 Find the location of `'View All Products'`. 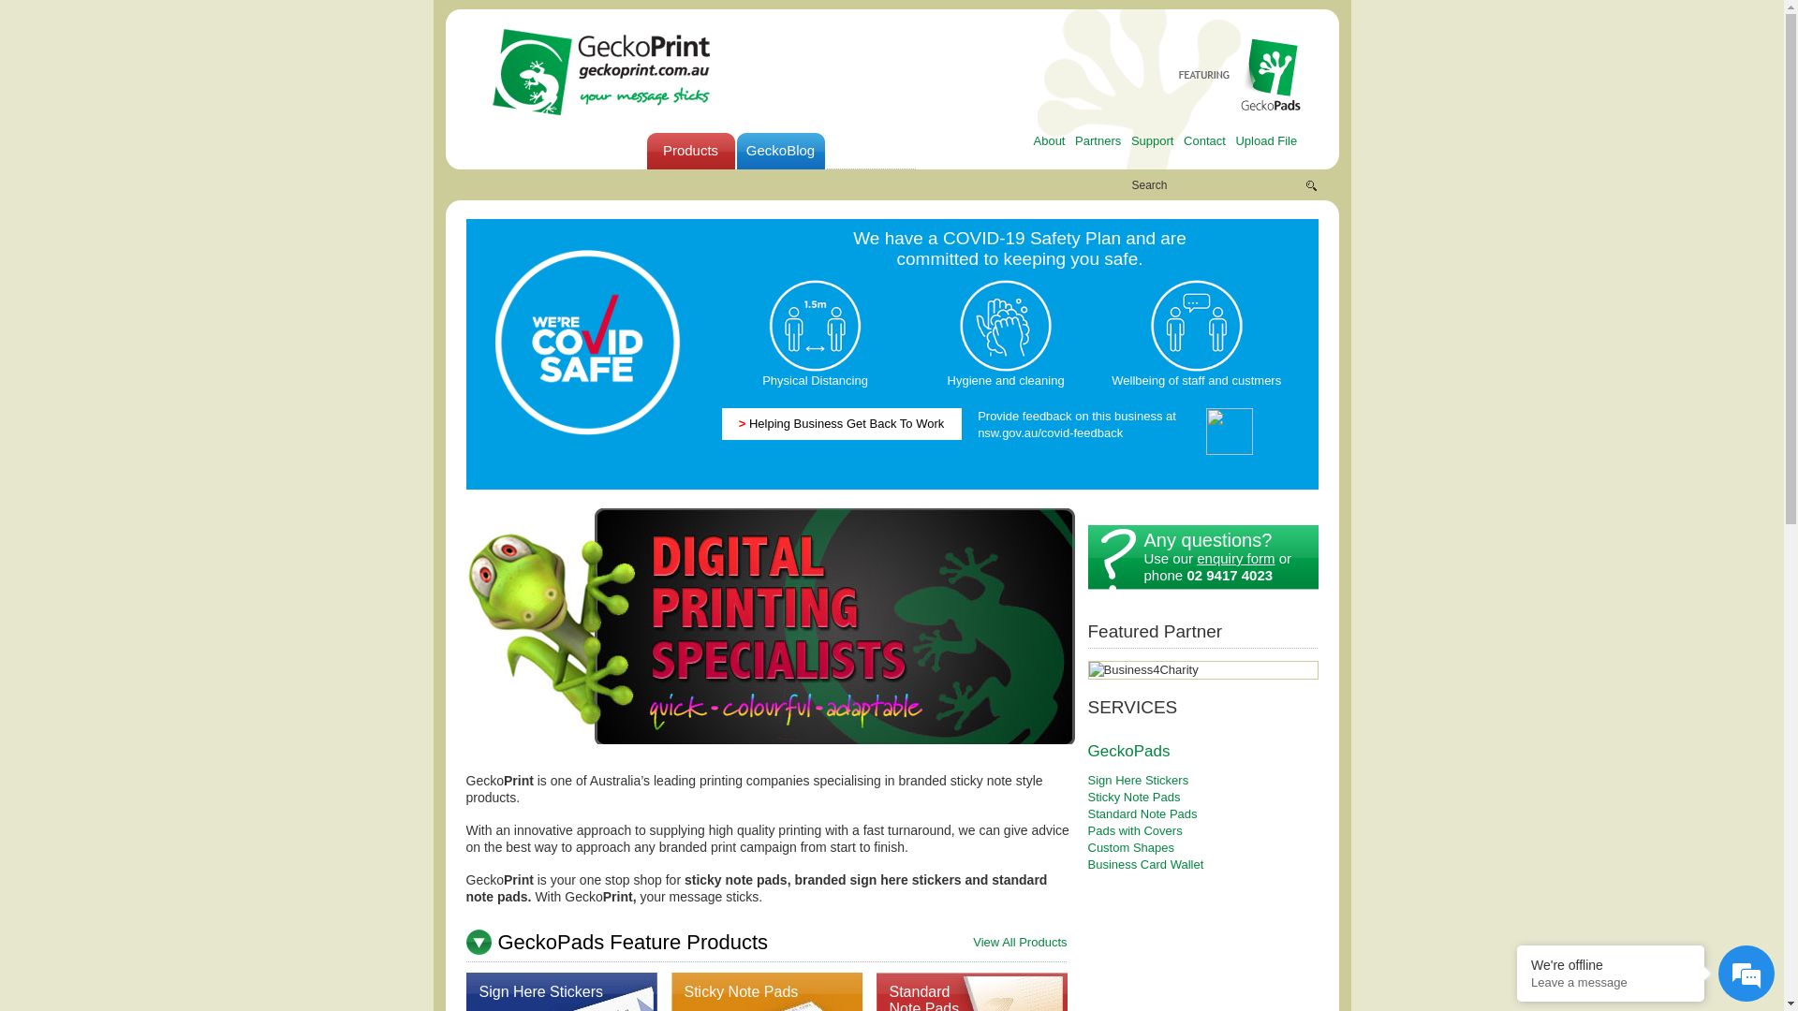

'View All Products' is located at coordinates (1019, 942).